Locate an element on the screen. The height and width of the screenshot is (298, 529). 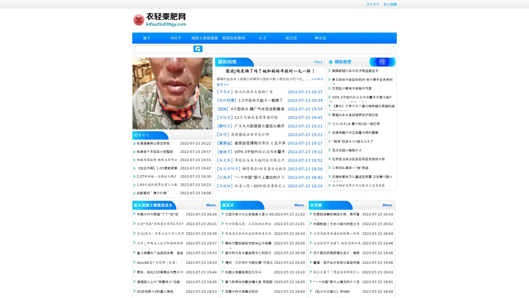
Search is located at coordinates (198, 49).